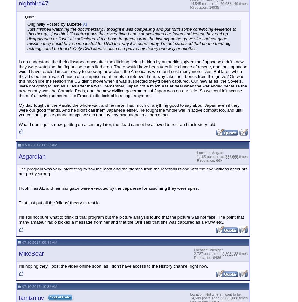 Image resolution: width=298 pixels, height=302 pixels. What do you see at coordinates (18, 78) in the screenshot?
I see `'I can understand the their dissapearence after the ditching being hidden by authorities, given the Japanese didn't know they were watching the Japanese controlled area.  There would have been very little chance of rescue, and the Japanese would have reacted in some way to knowing how close the Americans were and cost many more lives.  But later, when they'd died and it wasn't much of a surprise no attempts to retrieve them, why take their bones from this grave?  Or, was this much like the reason the US didn't move when it was suspected they'd been captured.  Our new allies, the Soviets, were not going to last as allies after the war.  Remember, Japan got a much easier deal when the war ended because the new enemy was the Commie Reds, and the new civilian government of Japan was on our side.  So we couldn't accuse them of allowing someone like Erhart to die locked in a cage anymore.'` at bounding box center [18, 78].